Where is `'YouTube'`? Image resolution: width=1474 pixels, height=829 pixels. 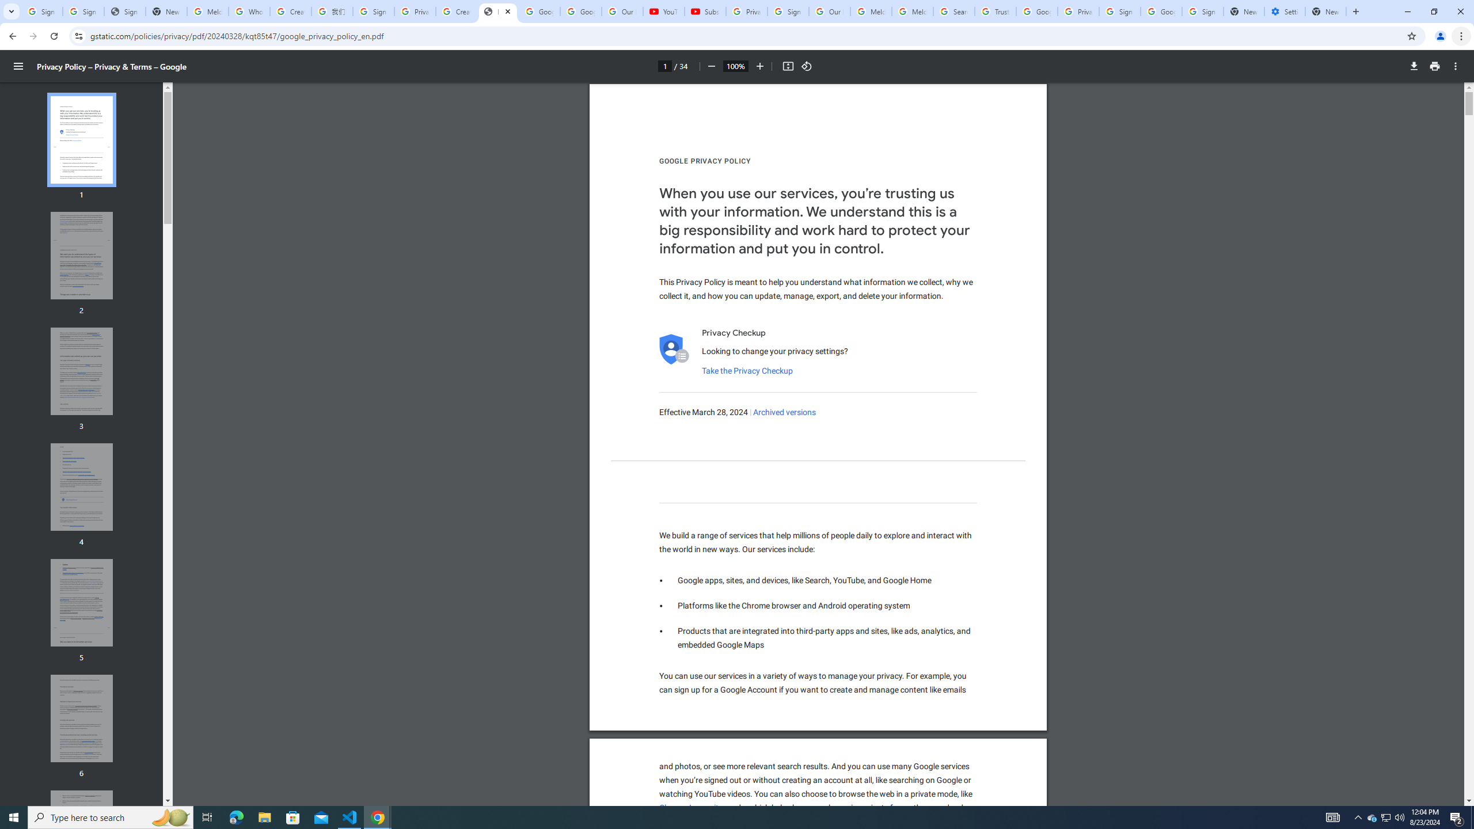
'YouTube' is located at coordinates (664, 11).